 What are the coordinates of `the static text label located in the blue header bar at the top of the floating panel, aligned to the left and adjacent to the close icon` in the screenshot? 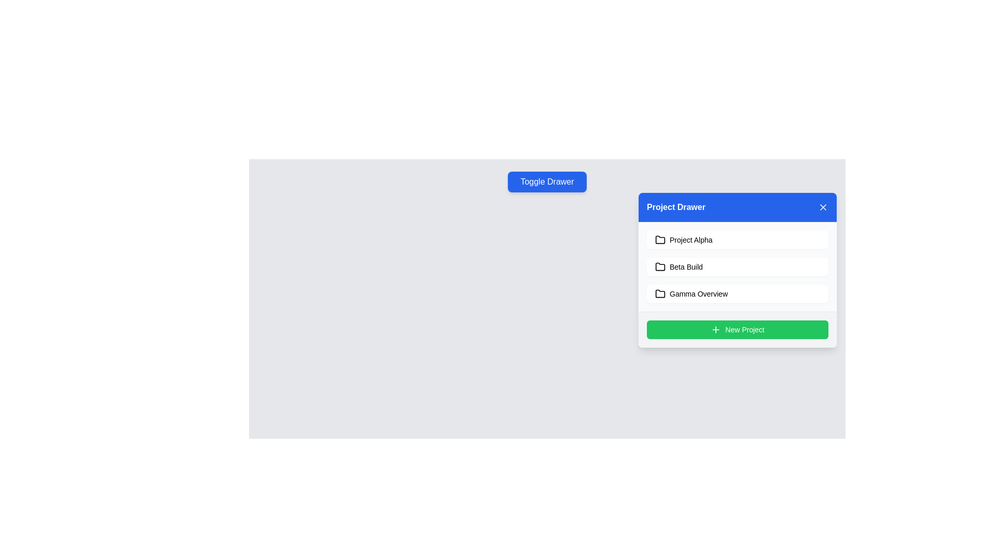 It's located at (676, 207).